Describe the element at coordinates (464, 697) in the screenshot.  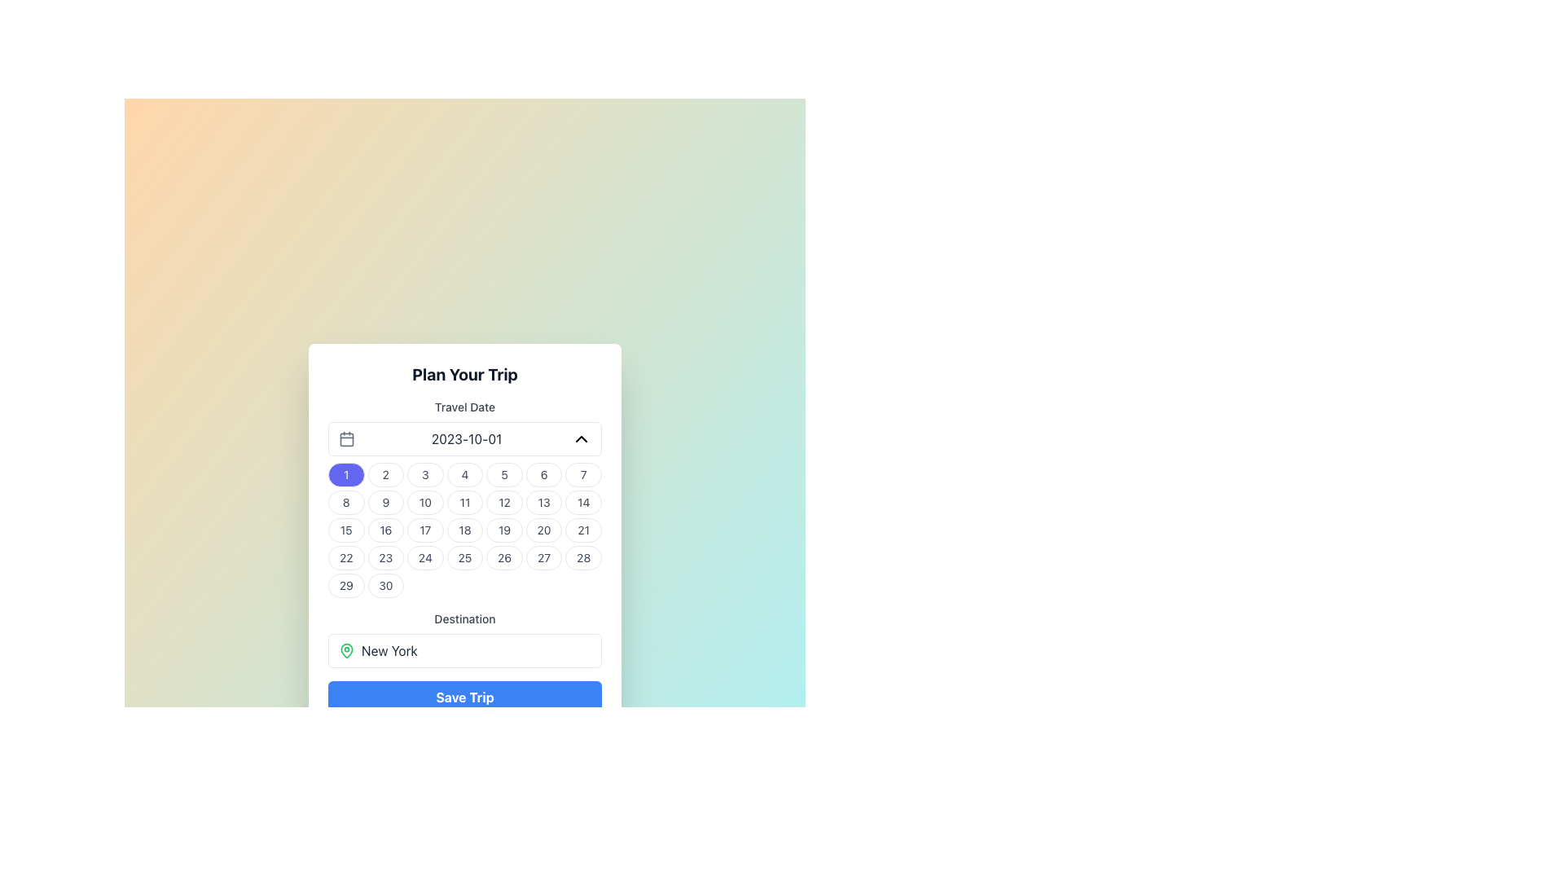
I see `the save button located at the bottom of the form to store the trip information entered` at that location.